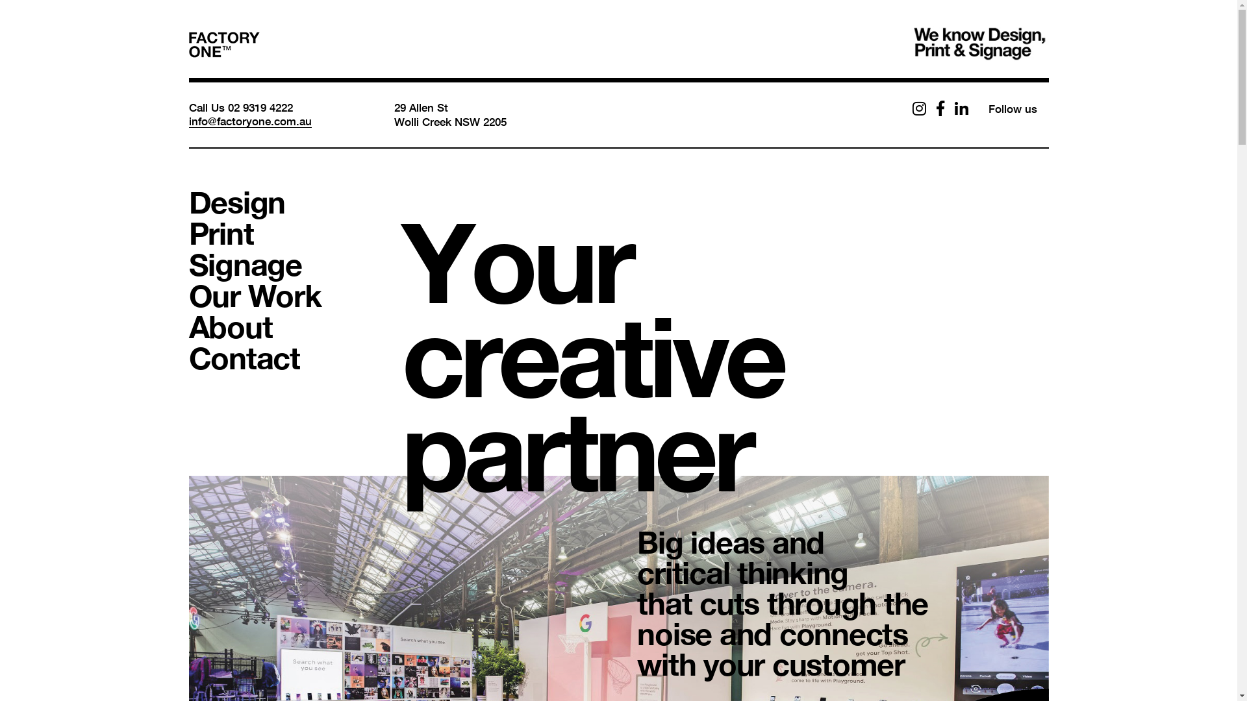 Image resolution: width=1247 pixels, height=701 pixels. I want to click on 'Interior Signage', so click(490, 565).